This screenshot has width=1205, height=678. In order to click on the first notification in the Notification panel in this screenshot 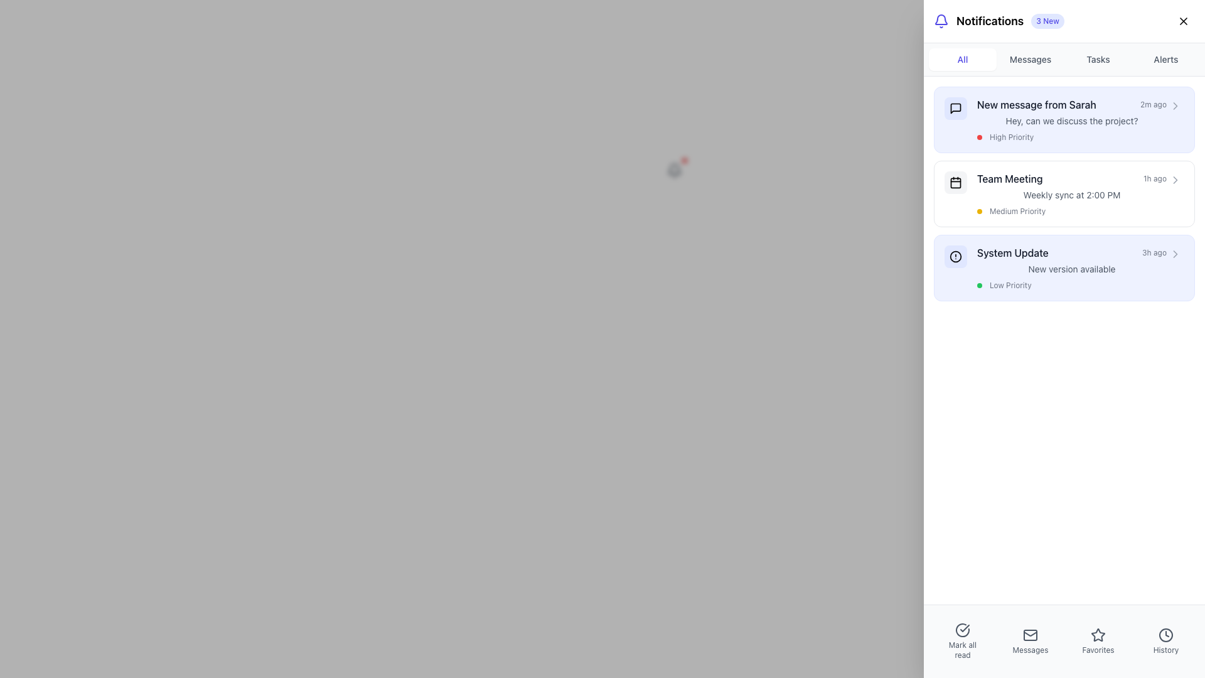, I will do `click(1071, 120)`.